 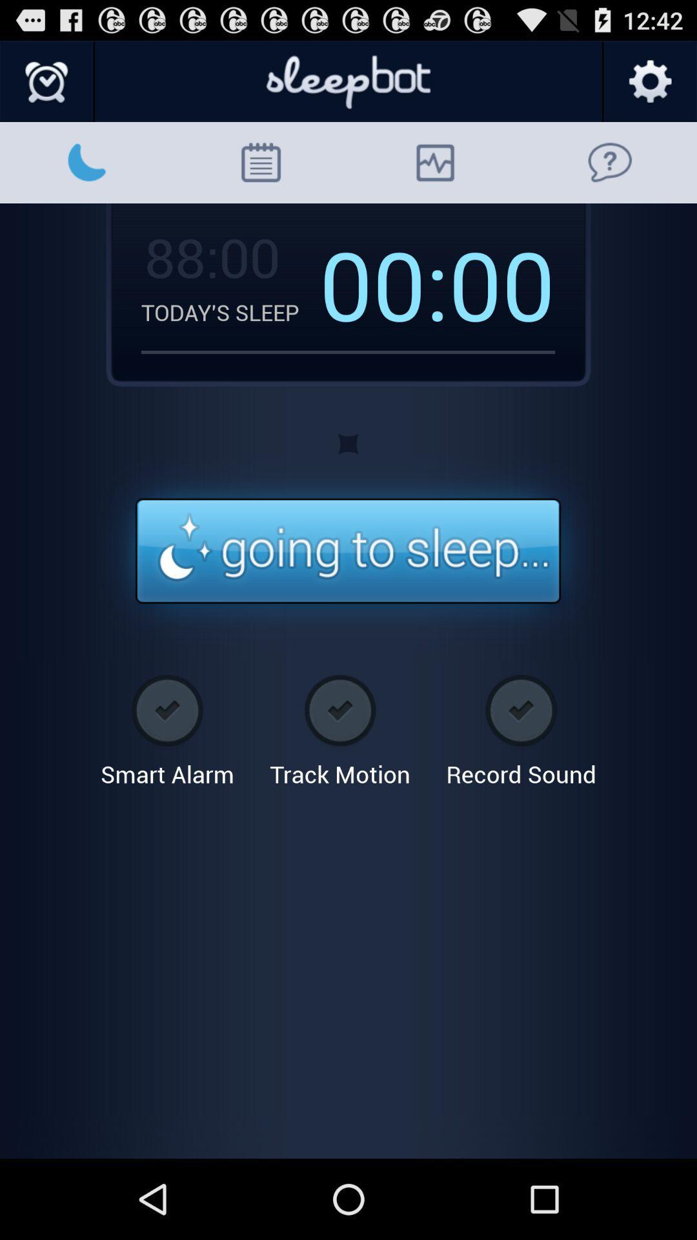 I want to click on app to the left of 00 app, so click(x=383, y=283).